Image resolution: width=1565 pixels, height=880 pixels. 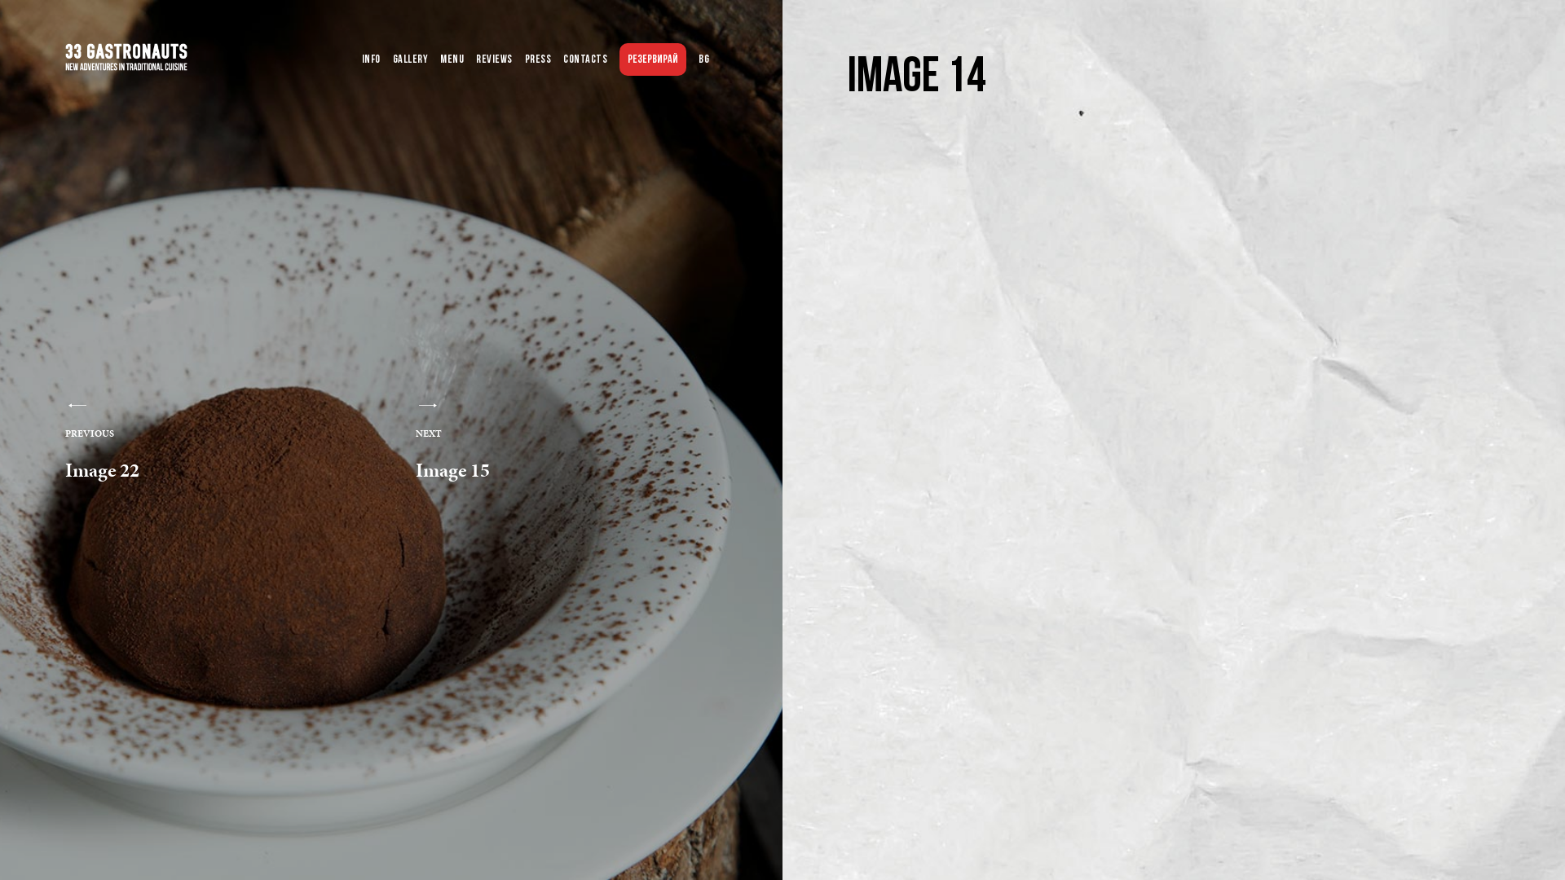 I want to click on 'Reviews', so click(x=493, y=59).